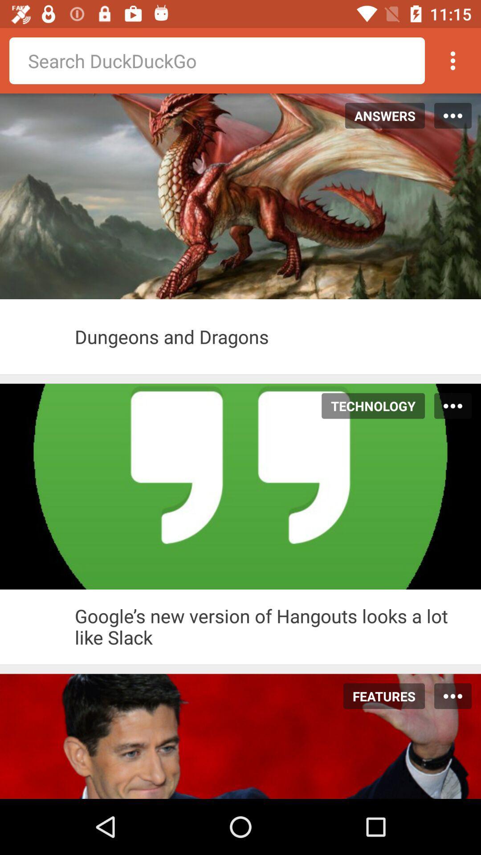  Describe the element at coordinates (453, 60) in the screenshot. I see `settings button` at that location.